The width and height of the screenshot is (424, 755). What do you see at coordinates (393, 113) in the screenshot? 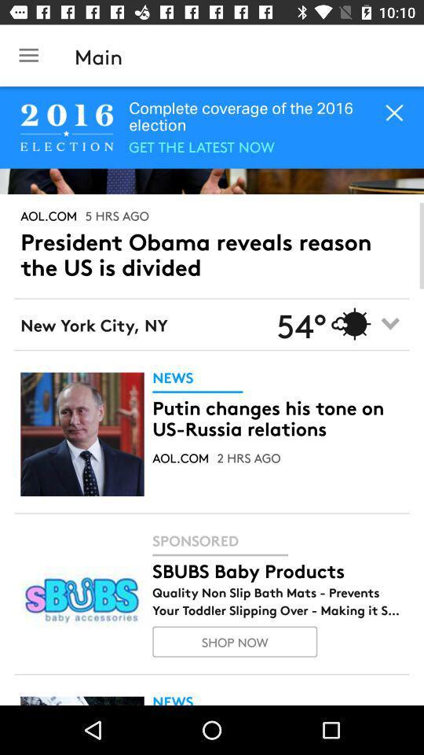
I see `the close icon` at bounding box center [393, 113].